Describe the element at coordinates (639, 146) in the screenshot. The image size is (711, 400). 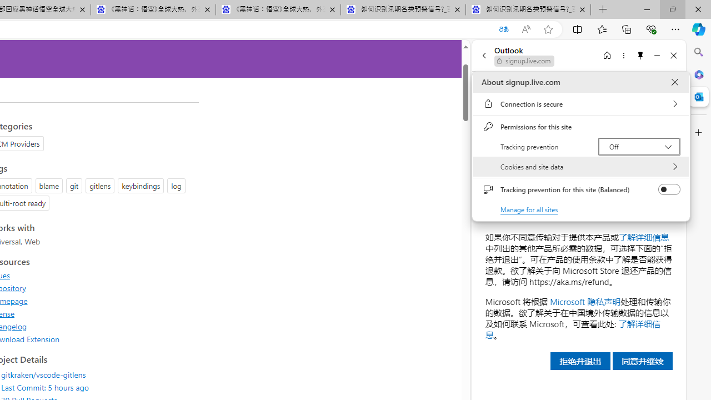
I see `'Tracking prevention Off'` at that location.